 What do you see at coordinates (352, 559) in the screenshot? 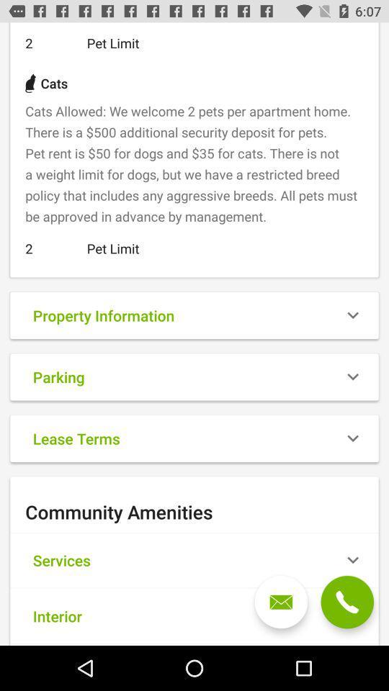
I see `the drop down button right to services` at bounding box center [352, 559].